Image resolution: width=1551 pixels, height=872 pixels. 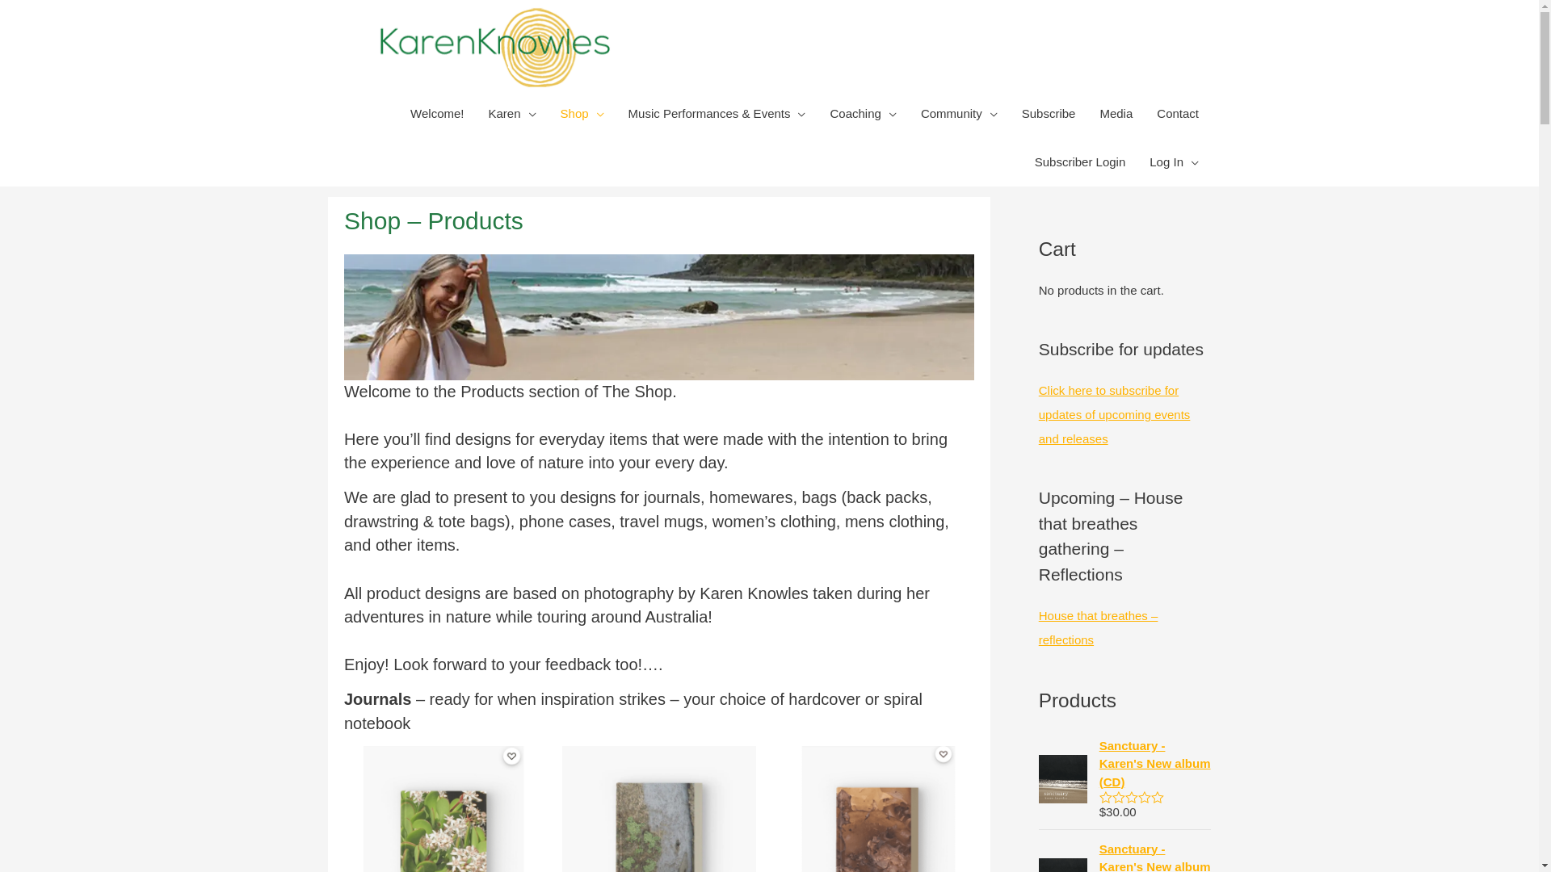 I want to click on 'Subscribe', so click(x=1049, y=113).